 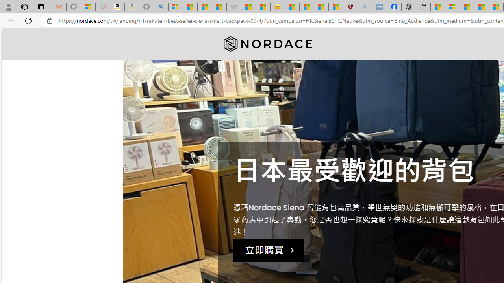 What do you see at coordinates (49, 20) in the screenshot?
I see `'View site information'` at bounding box center [49, 20].